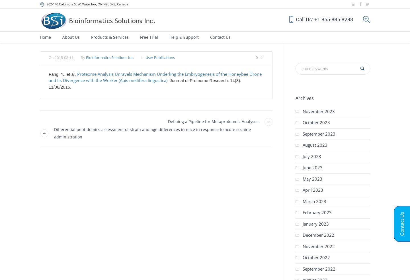  What do you see at coordinates (45, 37) in the screenshot?
I see `'Home'` at bounding box center [45, 37].